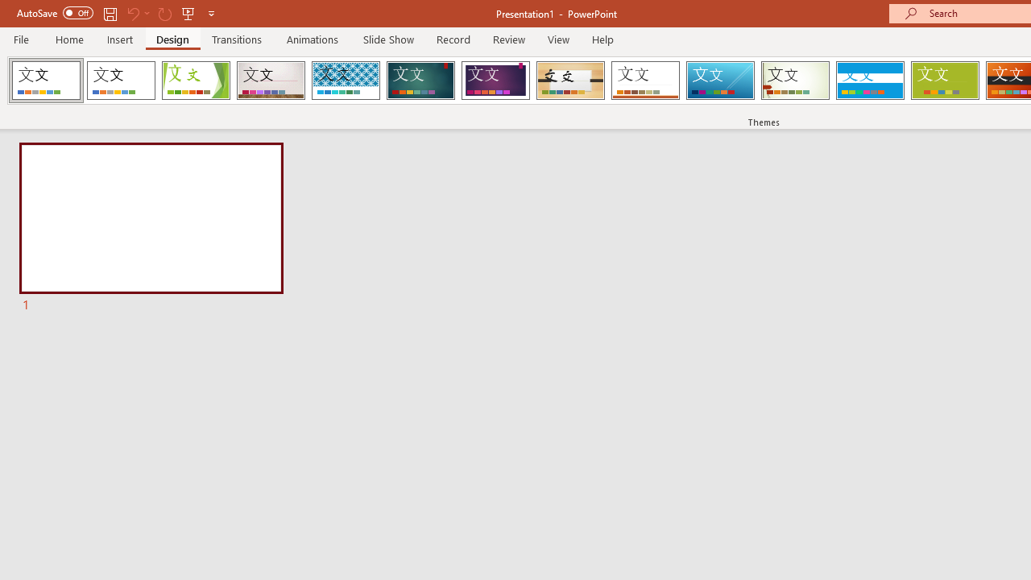  What do you see at coordinates (195, 81) in the screenshot?
I see `'Facet'` at bounding box center [195, 81].